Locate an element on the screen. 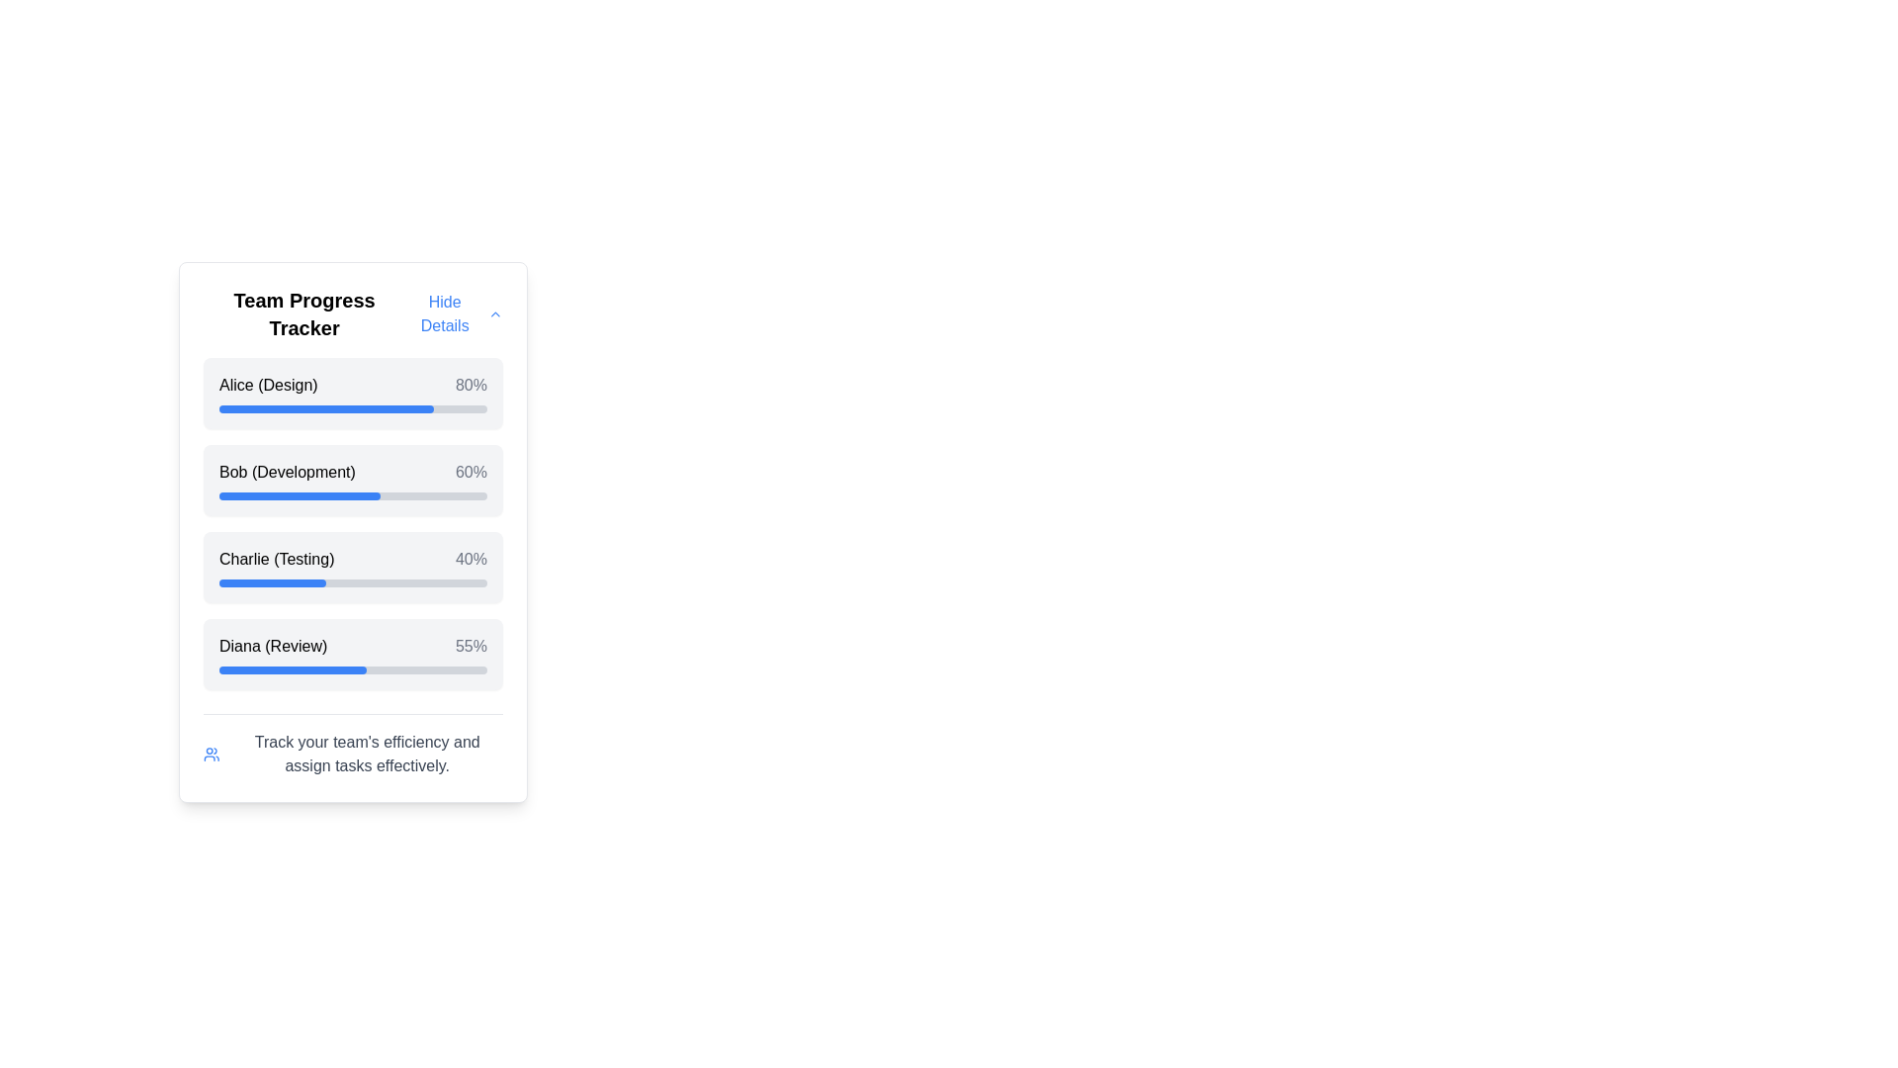  the text label 'Charlie (Testing)' in the progress tracker is located at coordinates (276, 560).